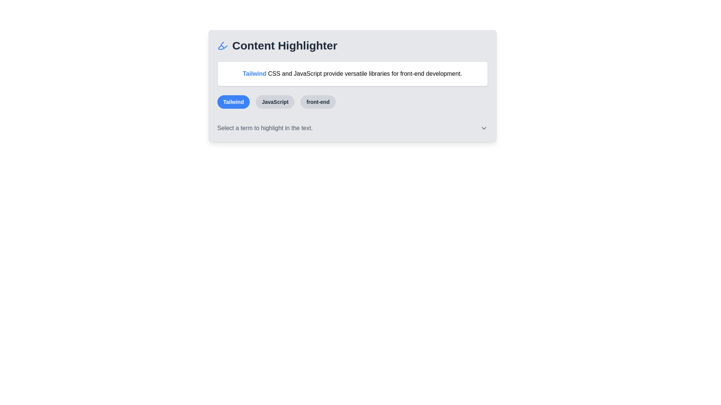  Describe the element at coordinates (222, 46) in the screenshot. I see `the highlighting icon located in the header section titled 'Content Highlighter', positioned to the leftmost side` at that location.